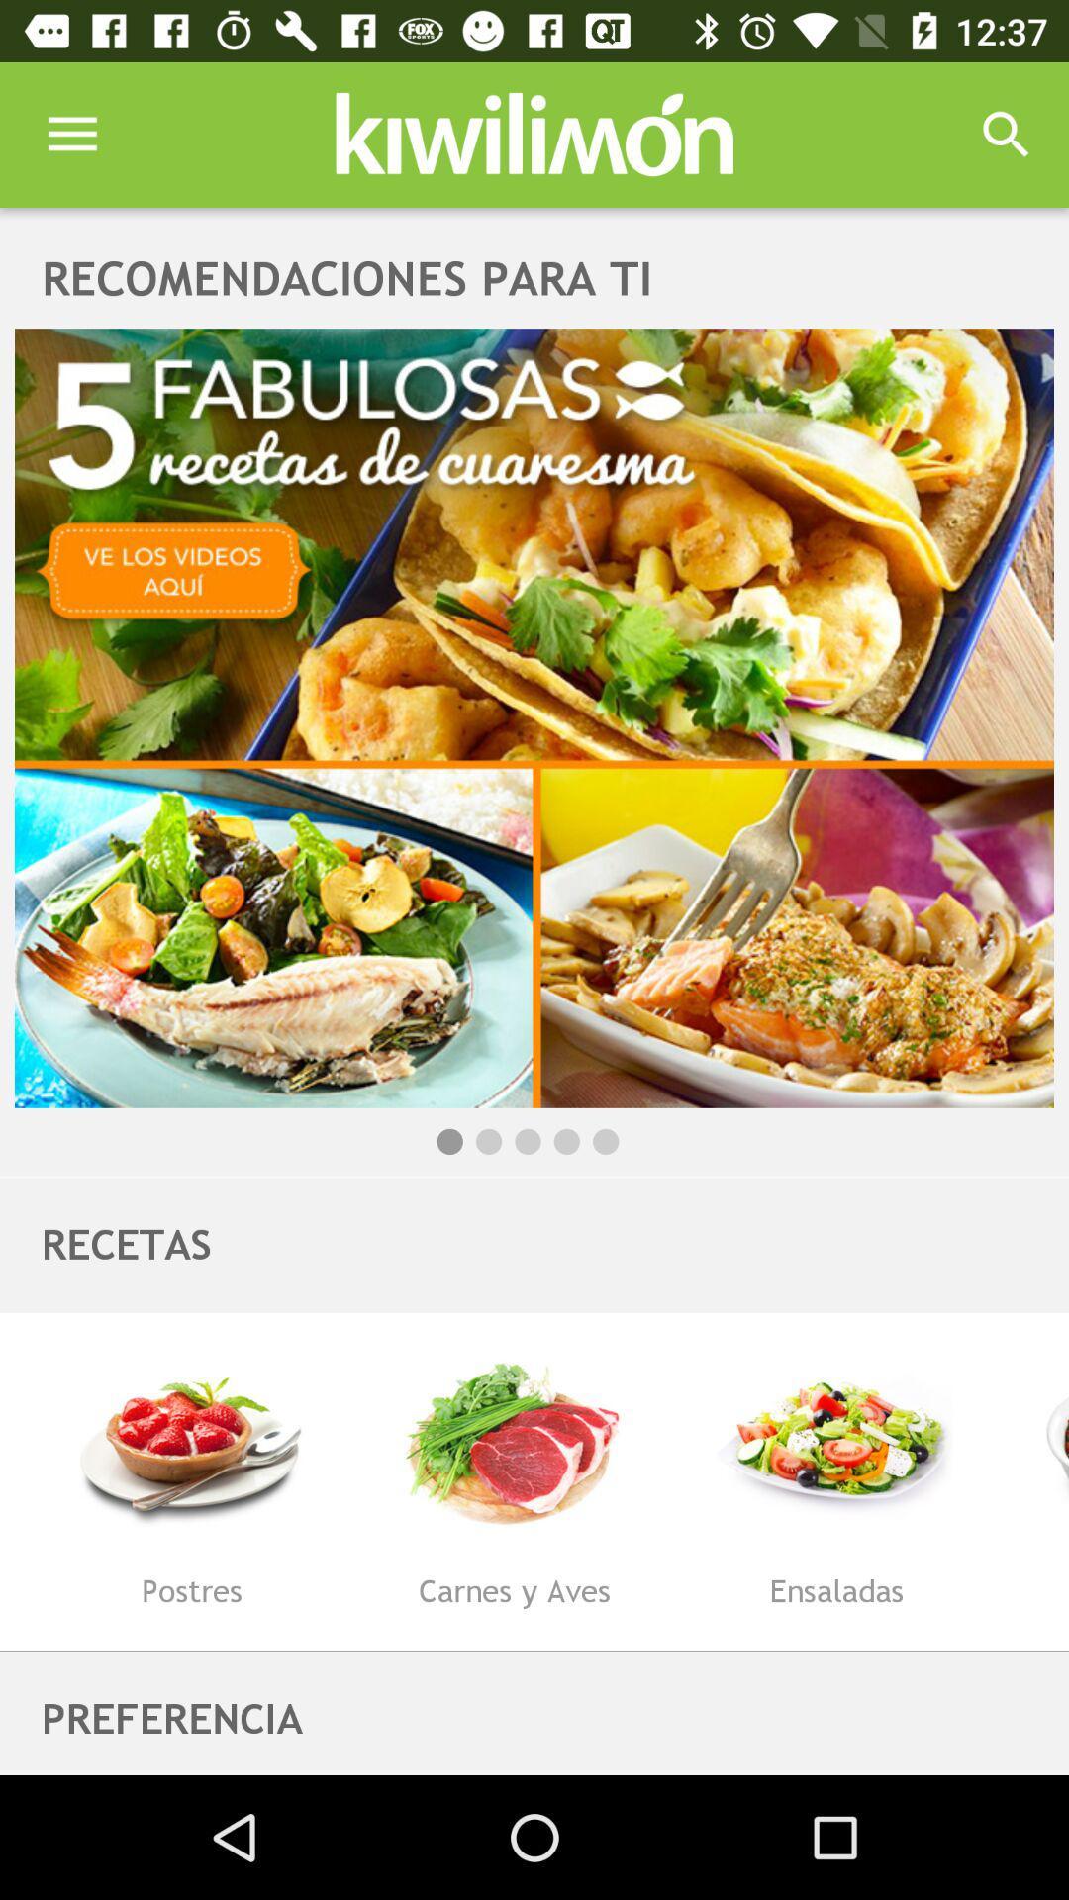  Describe the element at coordinates (71, 134) in the screenshot. I see `the item above recomendaciones para ti item` at that location.